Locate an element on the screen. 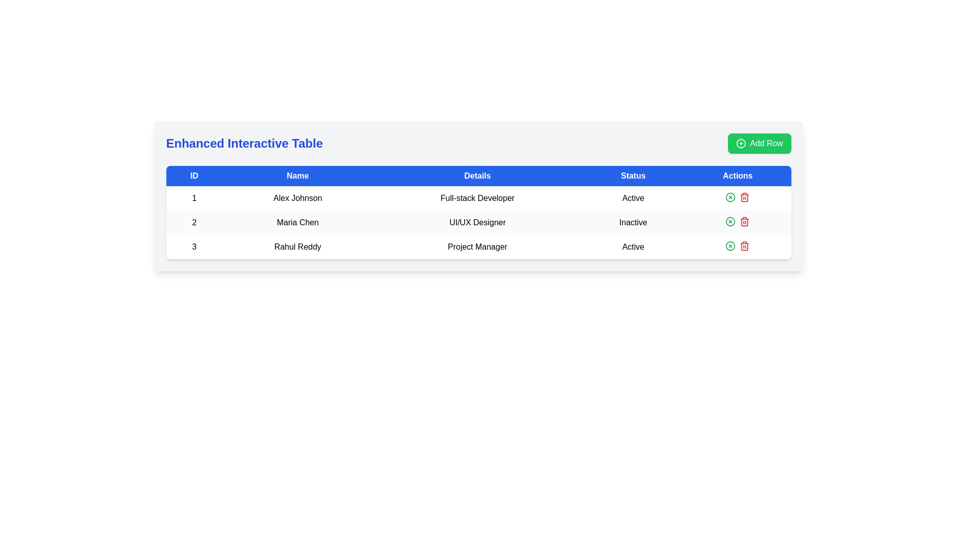 The width and height of the screenshot is (974, 548). the red trash icon in the 'Actions' column of the third row is located at coordinates (745, 197).